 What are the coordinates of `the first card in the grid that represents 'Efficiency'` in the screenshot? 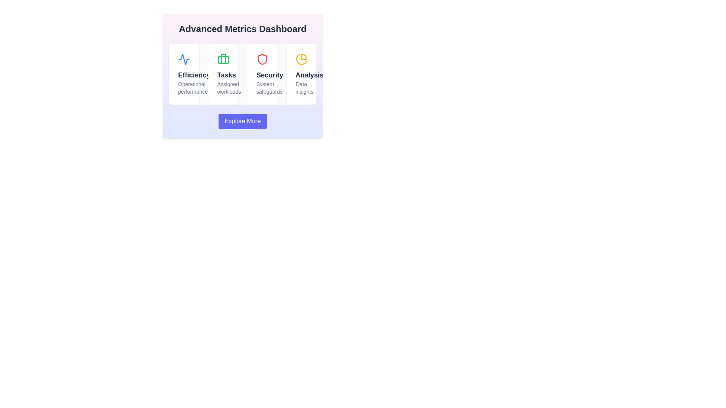 It's located at (184, 74).